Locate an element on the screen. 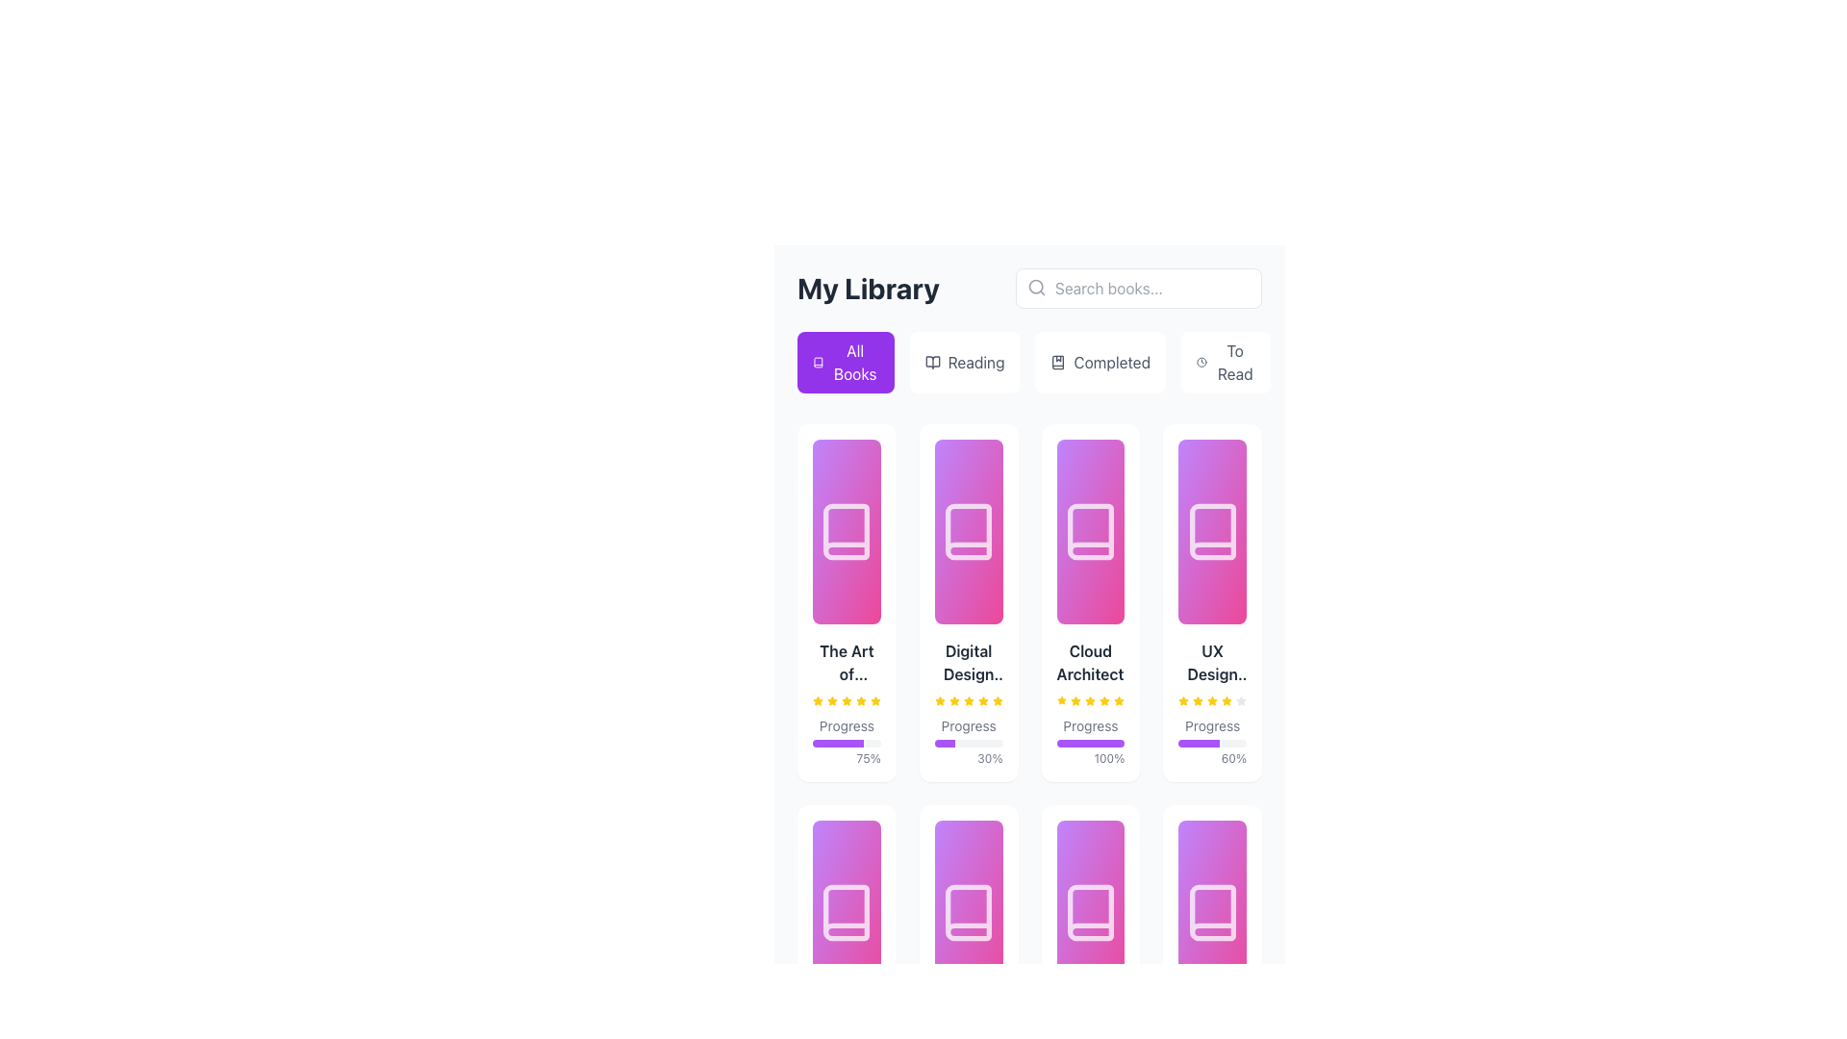 This screenshot has width=1847, height=1039. the progress indicator for 'UX Design Fundamentals', which visually represents the completion percentage and is located at the bottom of the corresponding card in the reading list interface is located at coordinates (1211, 741).